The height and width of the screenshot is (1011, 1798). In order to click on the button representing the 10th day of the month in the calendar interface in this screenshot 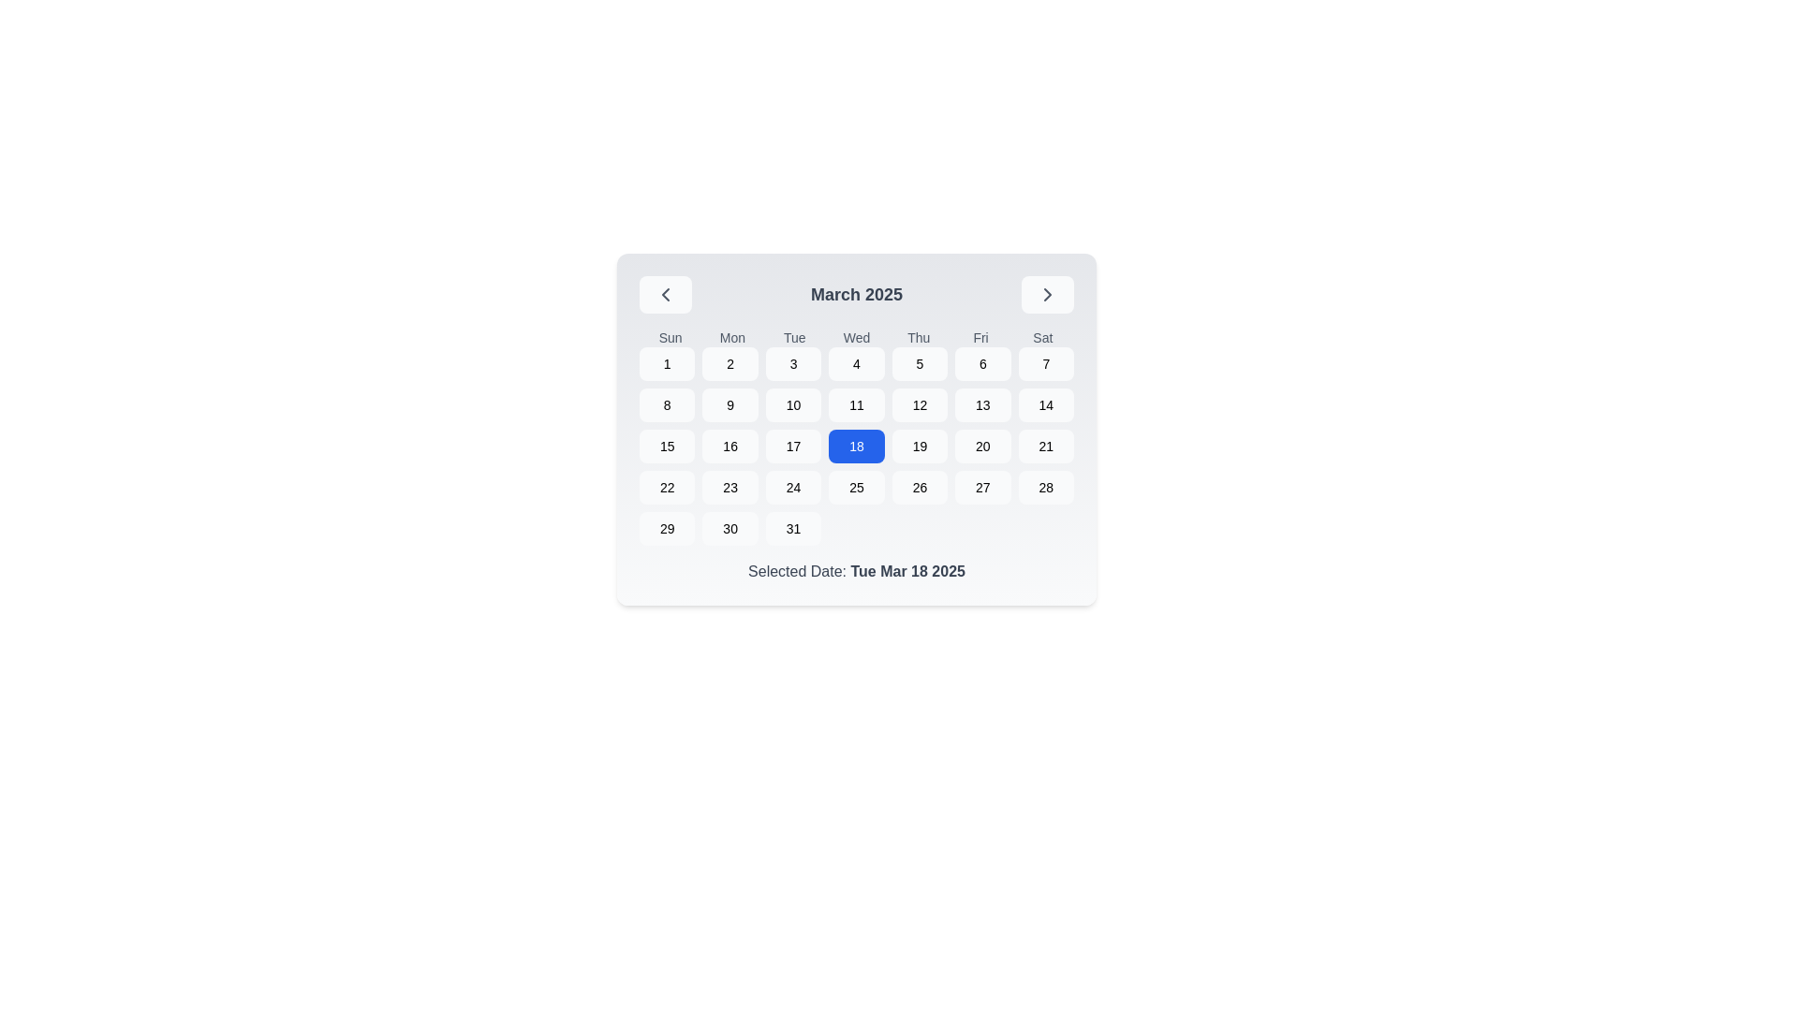, I will do `click(793, 403)`.